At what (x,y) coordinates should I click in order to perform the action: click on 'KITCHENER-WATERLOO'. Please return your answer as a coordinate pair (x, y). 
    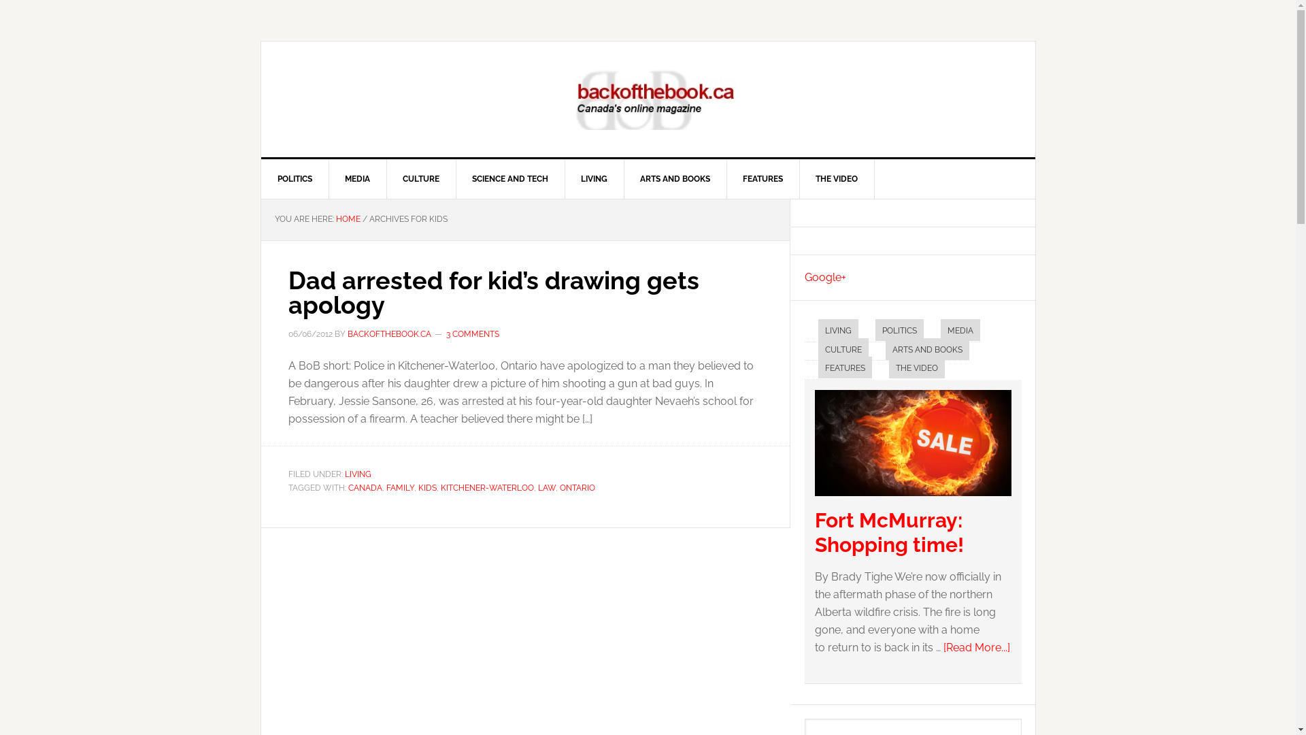
    Looking at the image, I should click on (487, 487).